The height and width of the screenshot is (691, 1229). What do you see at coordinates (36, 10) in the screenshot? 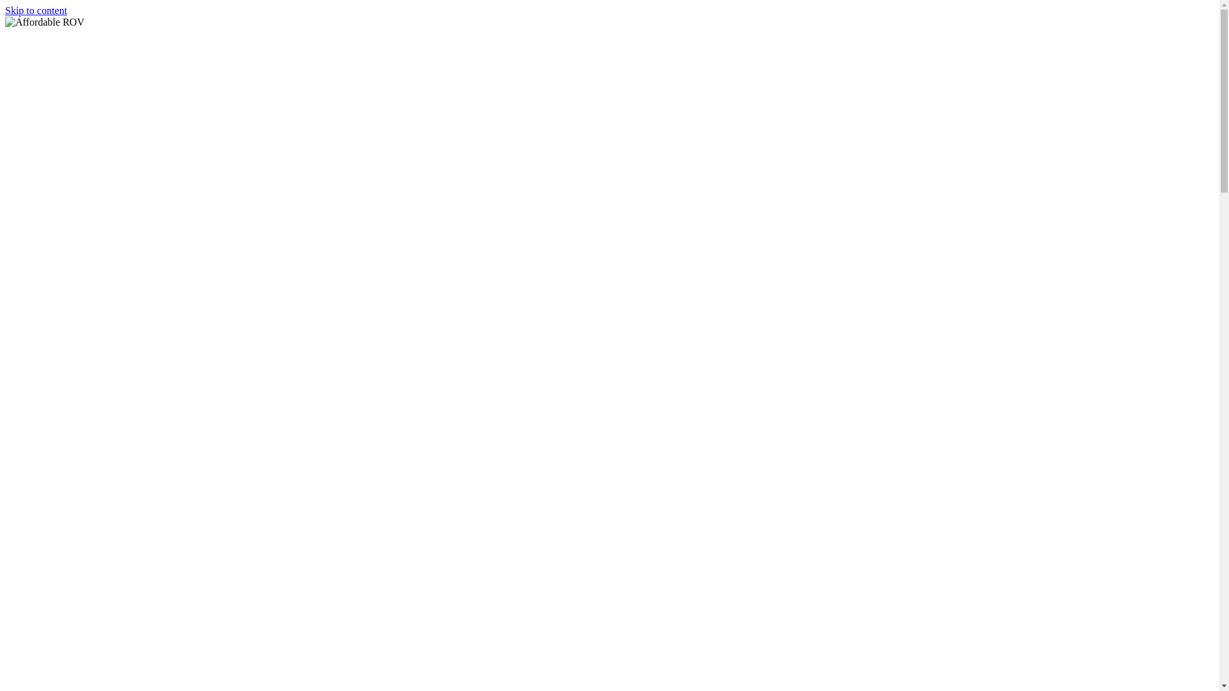
I see `'Skip to content'` at bounding box center [36, 10].